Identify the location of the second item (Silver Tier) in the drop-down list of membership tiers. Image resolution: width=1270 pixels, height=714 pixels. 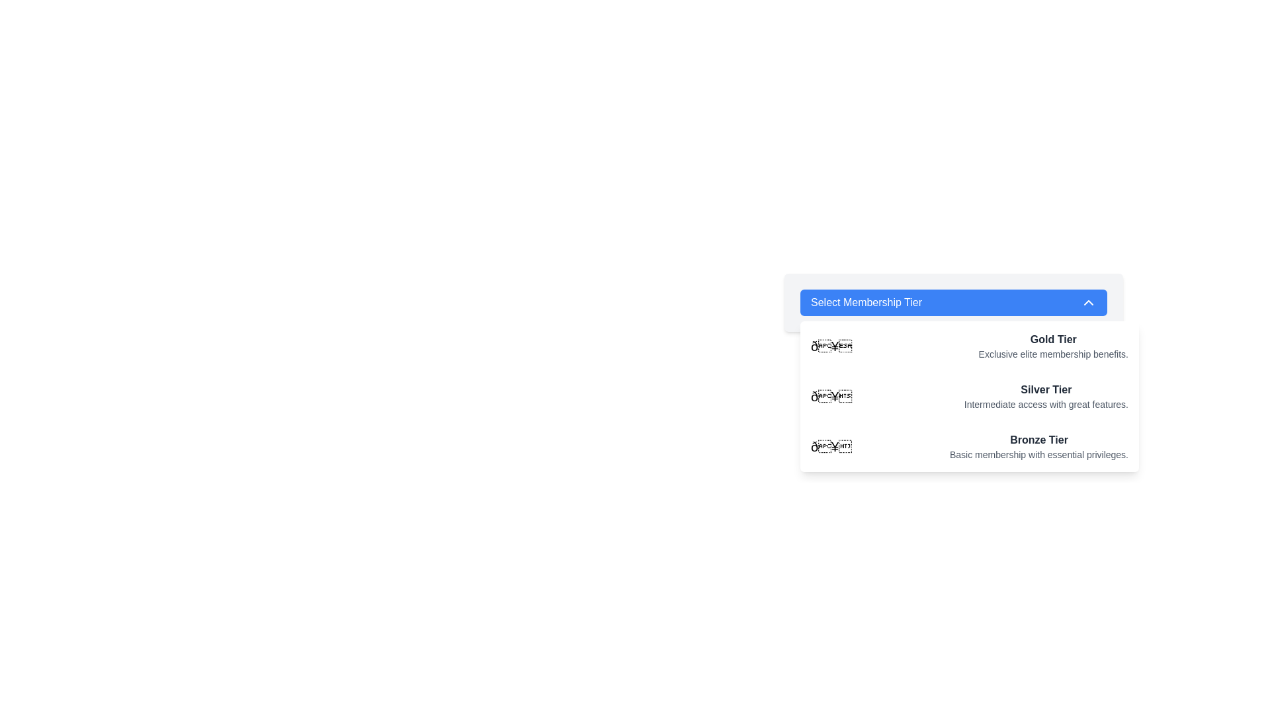
(969, 396).